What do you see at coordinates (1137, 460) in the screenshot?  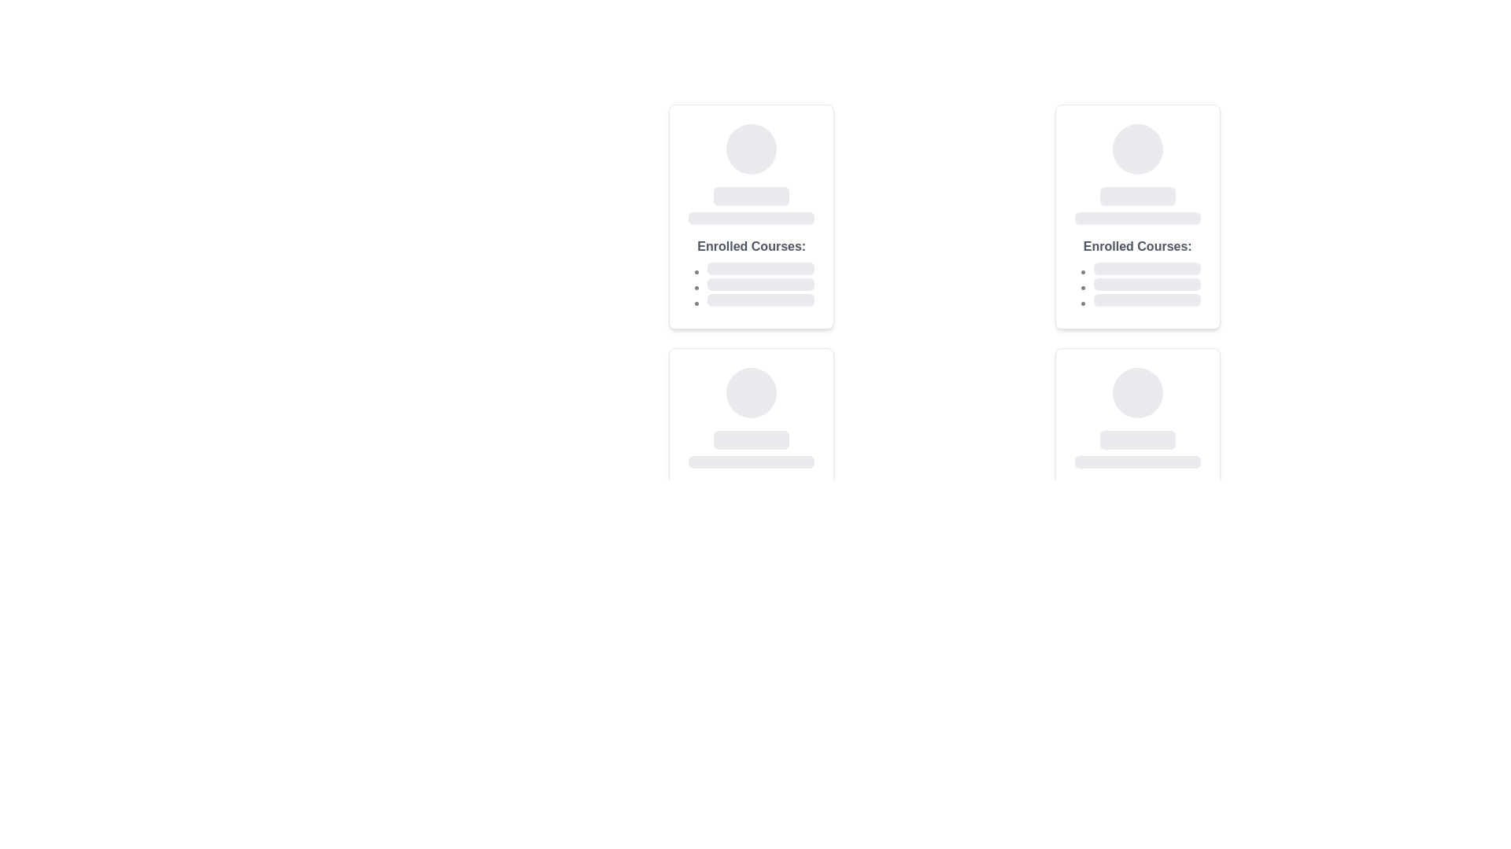 I see `the last card component in the grid layout, which features a white background, rounded corners, and a shadow effect` at bounding box center [1137, 460].